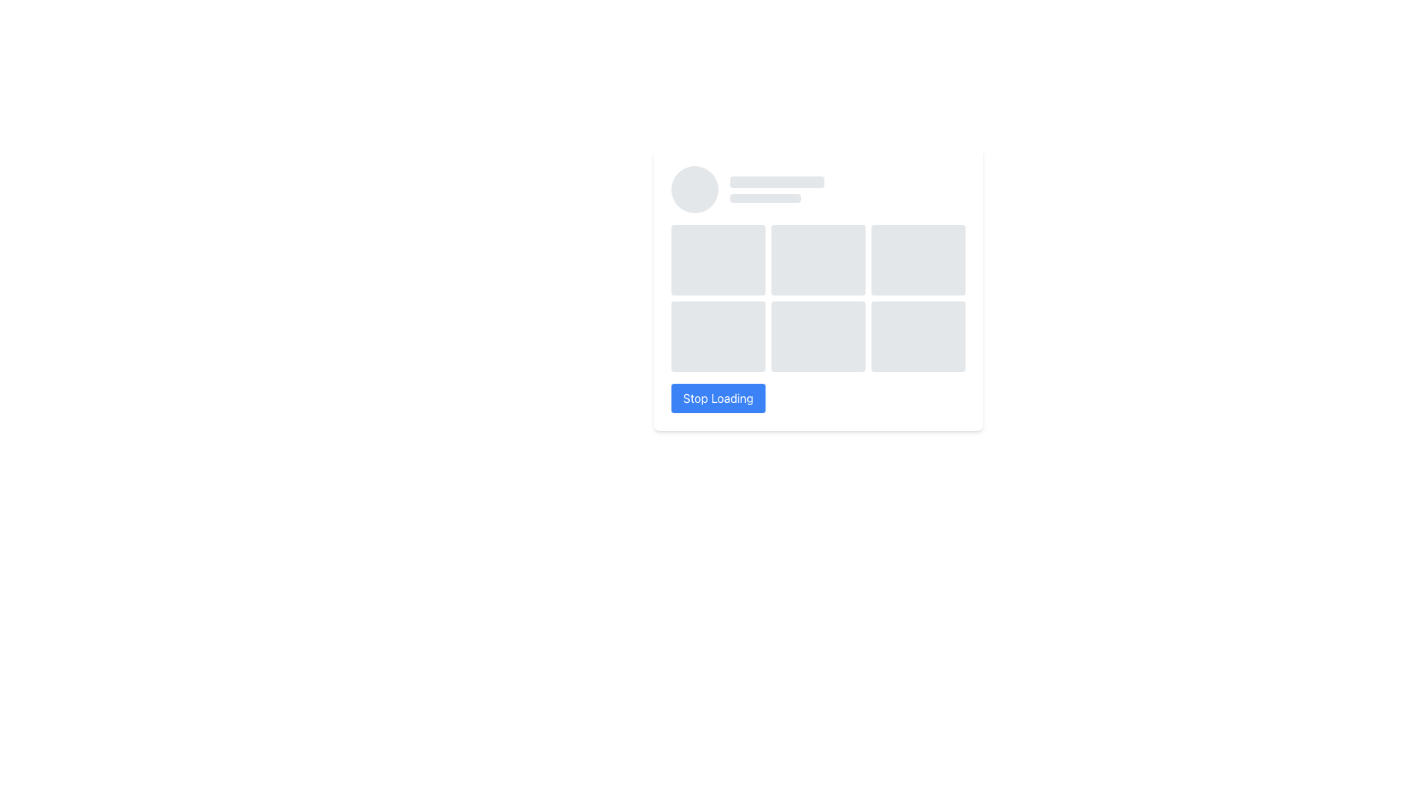 This screenshot has height=794, width=1412. Describe the element at coordinates (776, 189) in the screenshot. I see `the Loading Animation Placeholder, which simulates a loading animation for textual content and is positioned to the right of a large circular placeholder and above a grid of rectangular placeholders` at that location.